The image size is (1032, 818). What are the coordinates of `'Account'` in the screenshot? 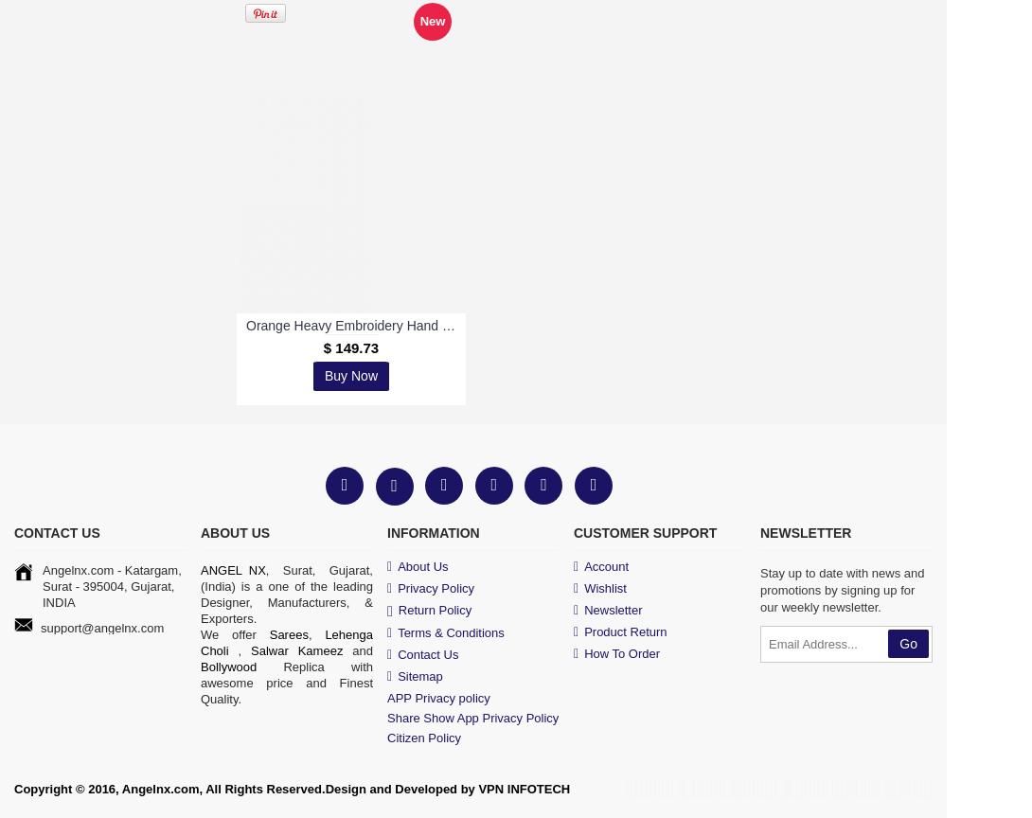 It's located at (606, 565).